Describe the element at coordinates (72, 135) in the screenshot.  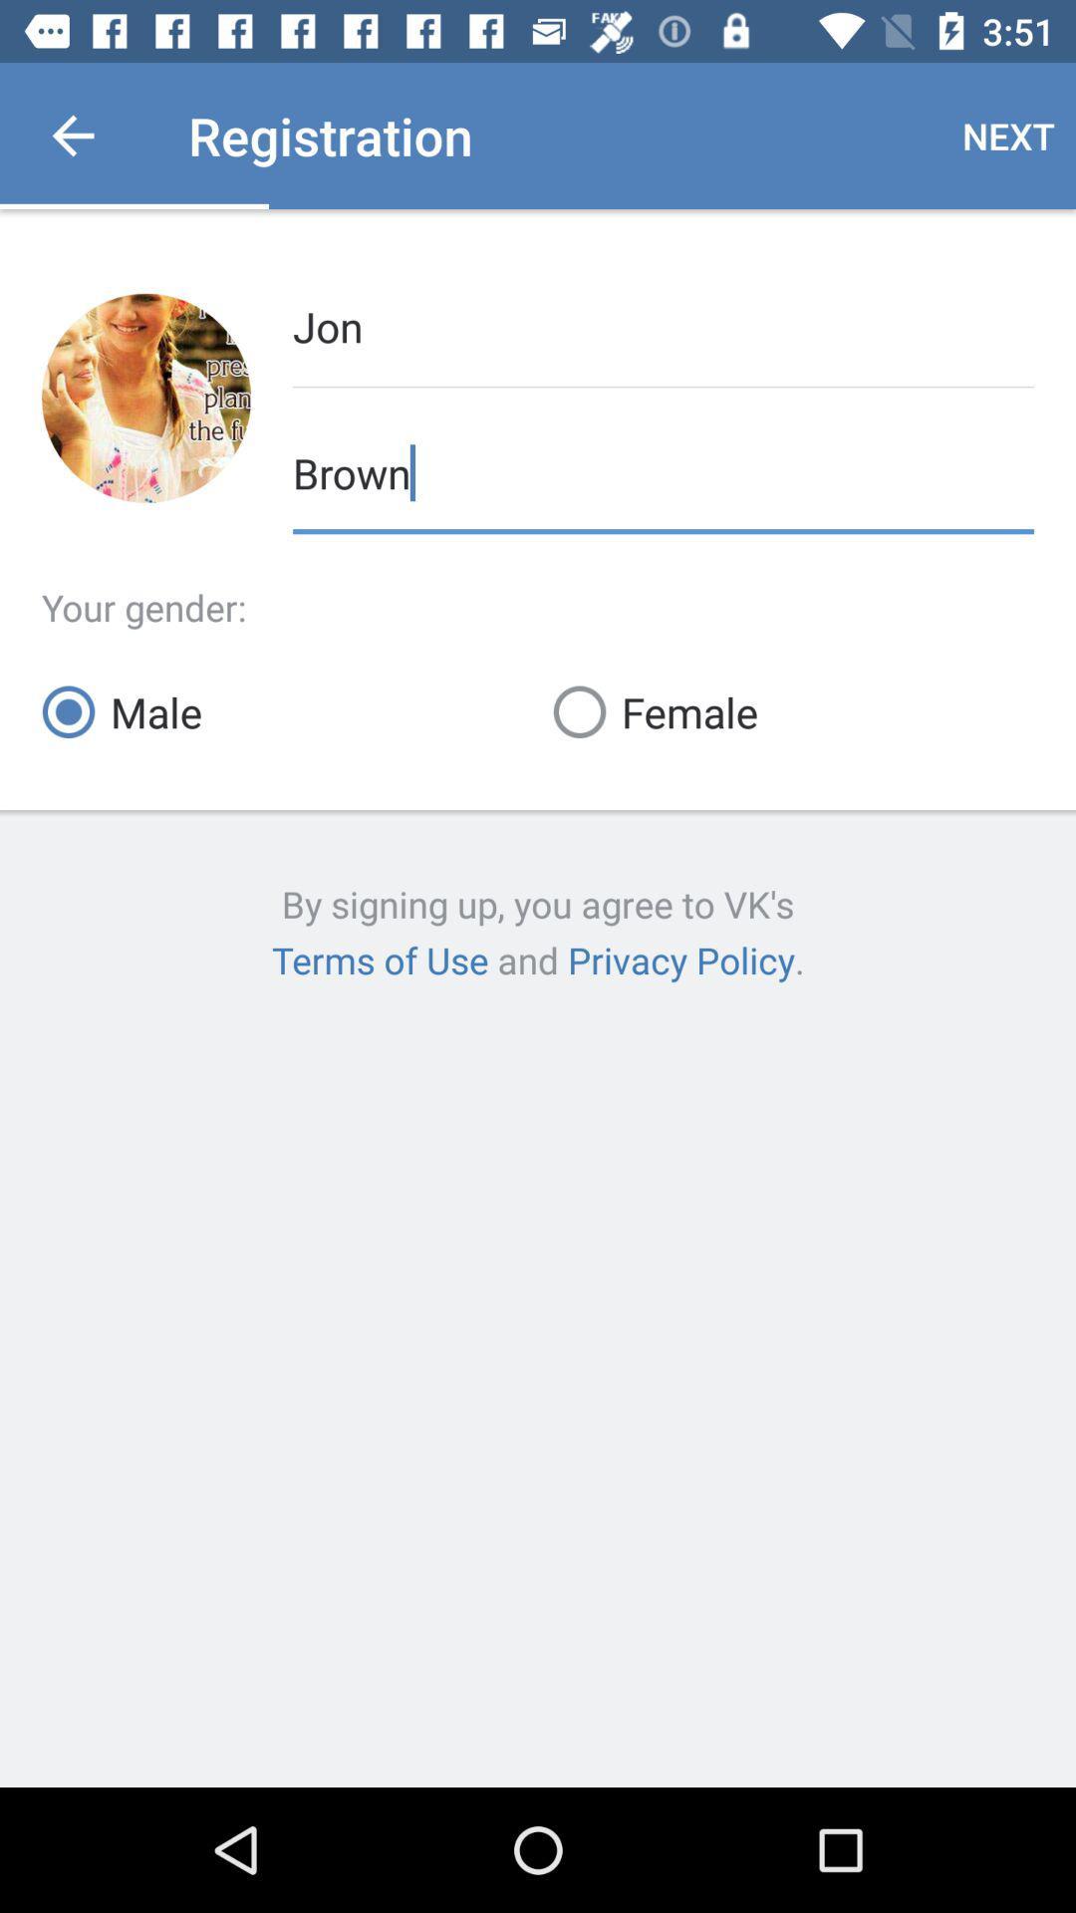
I see `item next to registration` at that location.